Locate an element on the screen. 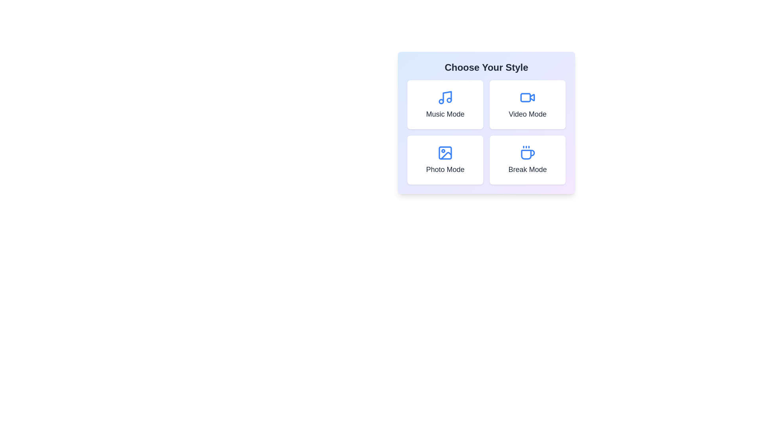  the button labeled Break Mode to trigger additional actions is located at coordinates (528, 160).